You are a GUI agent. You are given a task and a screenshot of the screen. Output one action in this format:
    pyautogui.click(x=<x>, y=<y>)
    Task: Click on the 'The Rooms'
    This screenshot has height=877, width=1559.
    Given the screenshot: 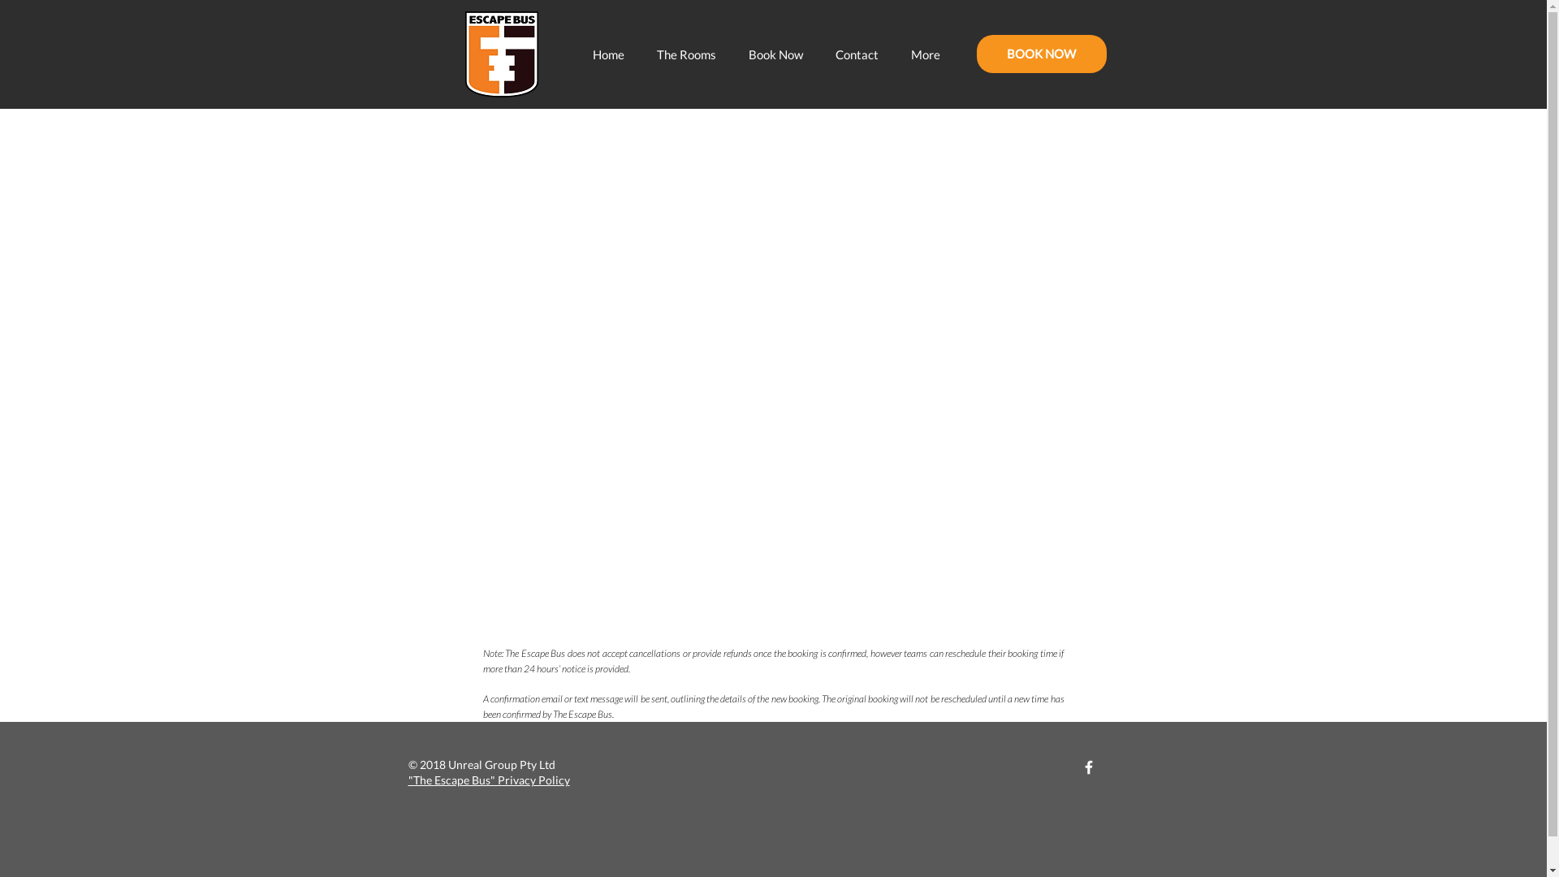 What is the action you would take?
    pyautogui.click(x=638, y=53)
    